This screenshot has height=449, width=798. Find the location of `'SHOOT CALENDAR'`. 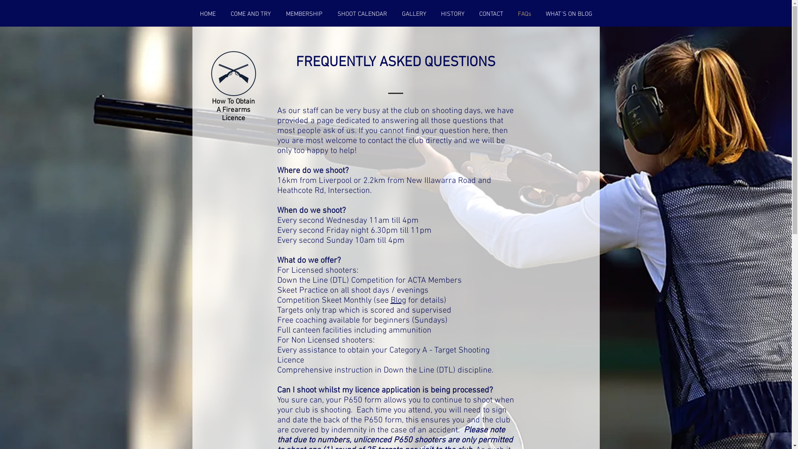

'SHOOT CALENDAR' is located at coordinates (362, 14).